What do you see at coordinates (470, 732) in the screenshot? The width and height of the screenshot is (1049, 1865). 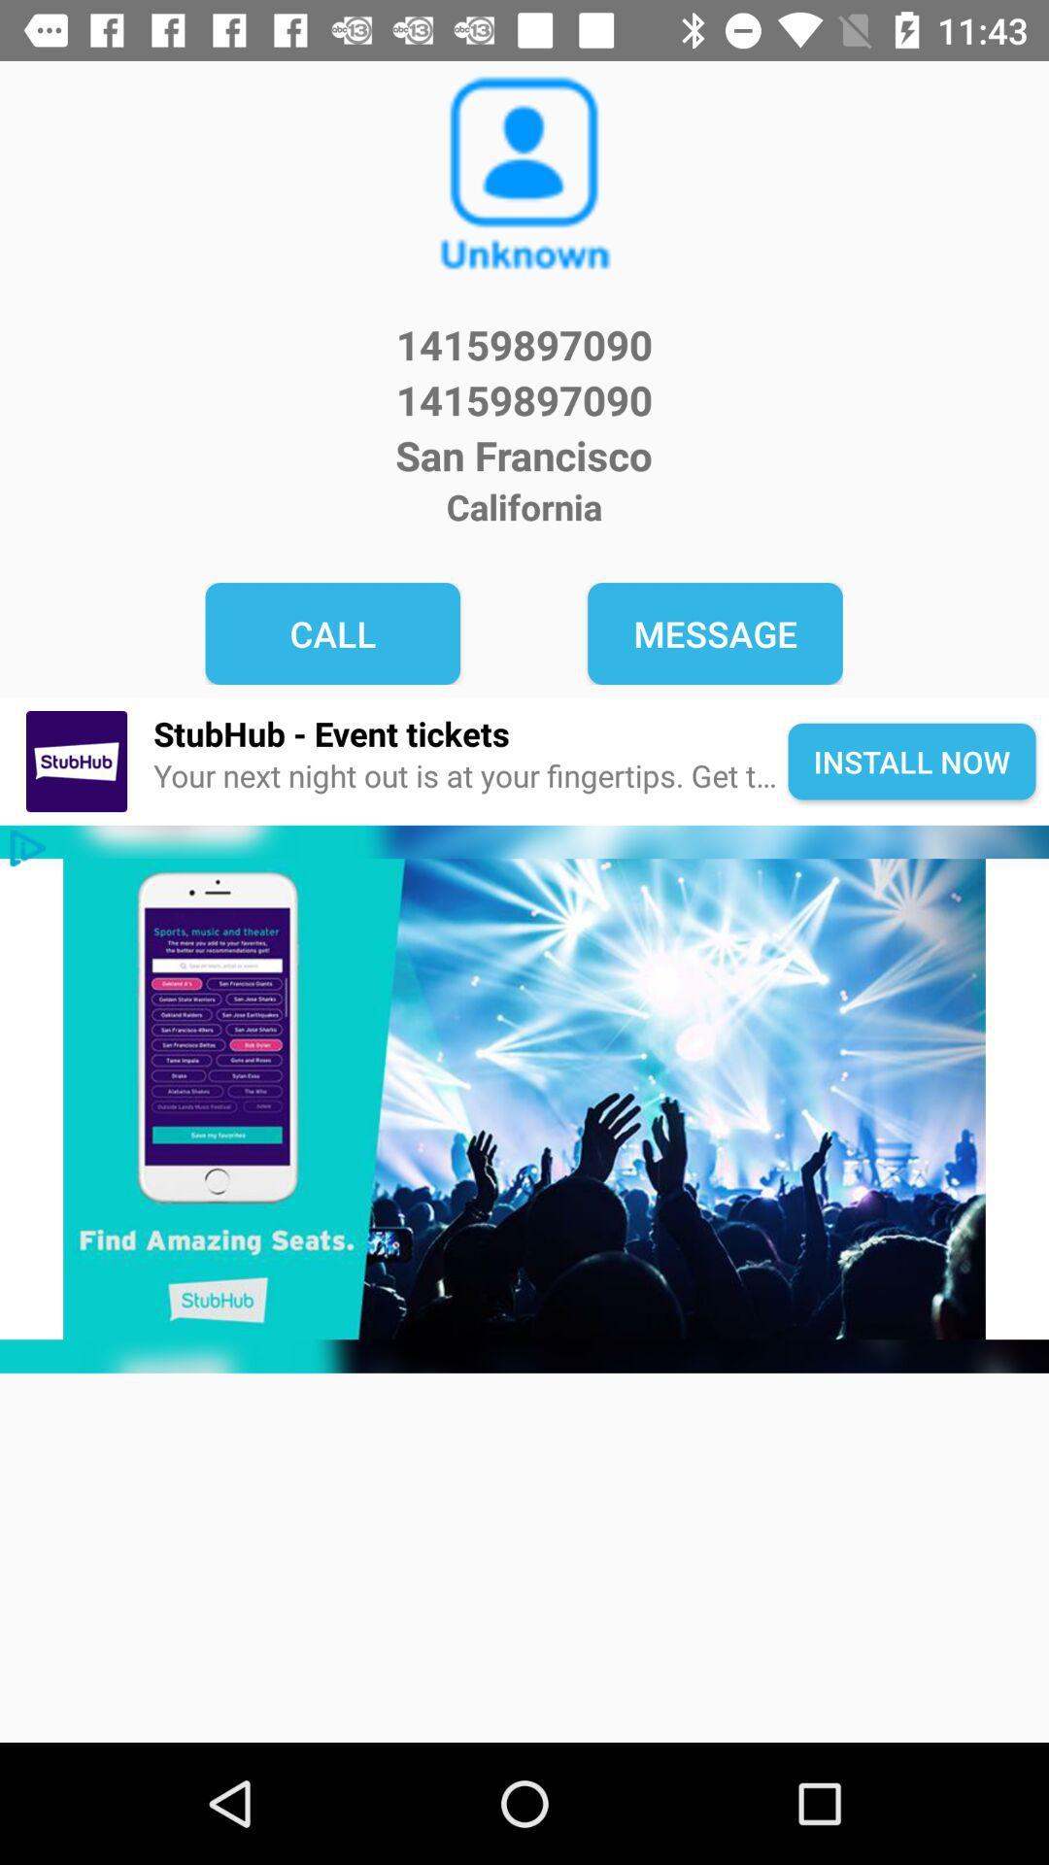 I see `icon next to install now icon` at bounding box center [470, 732].